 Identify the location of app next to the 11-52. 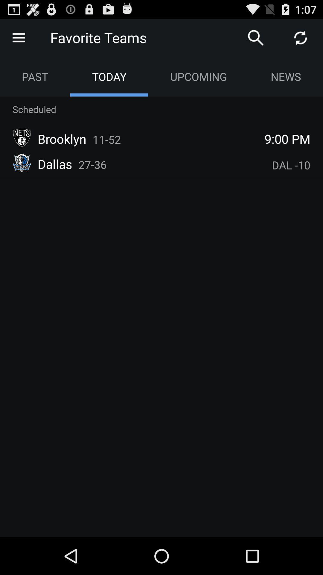
(287, 138).